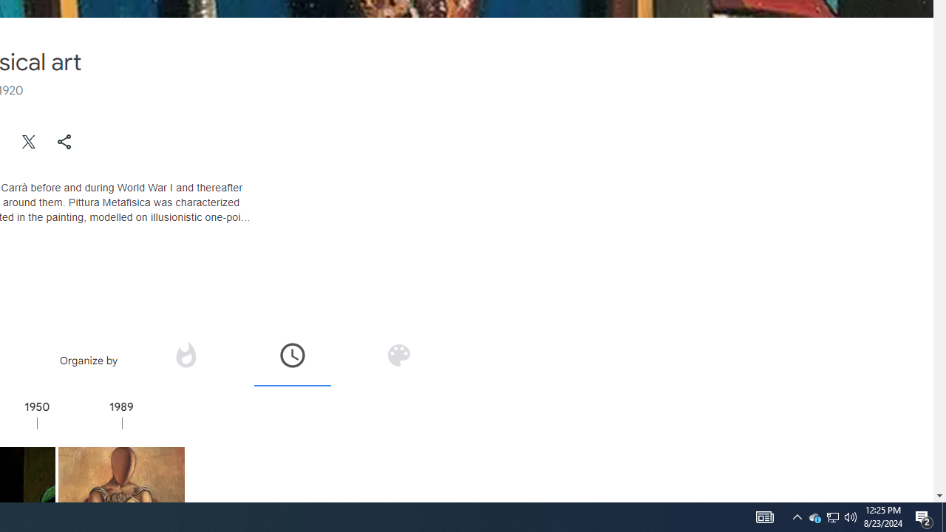 Image resolution: width=946 pixels, height=532 pixels. I want to click on 'Organize by color', so click(398, 360).